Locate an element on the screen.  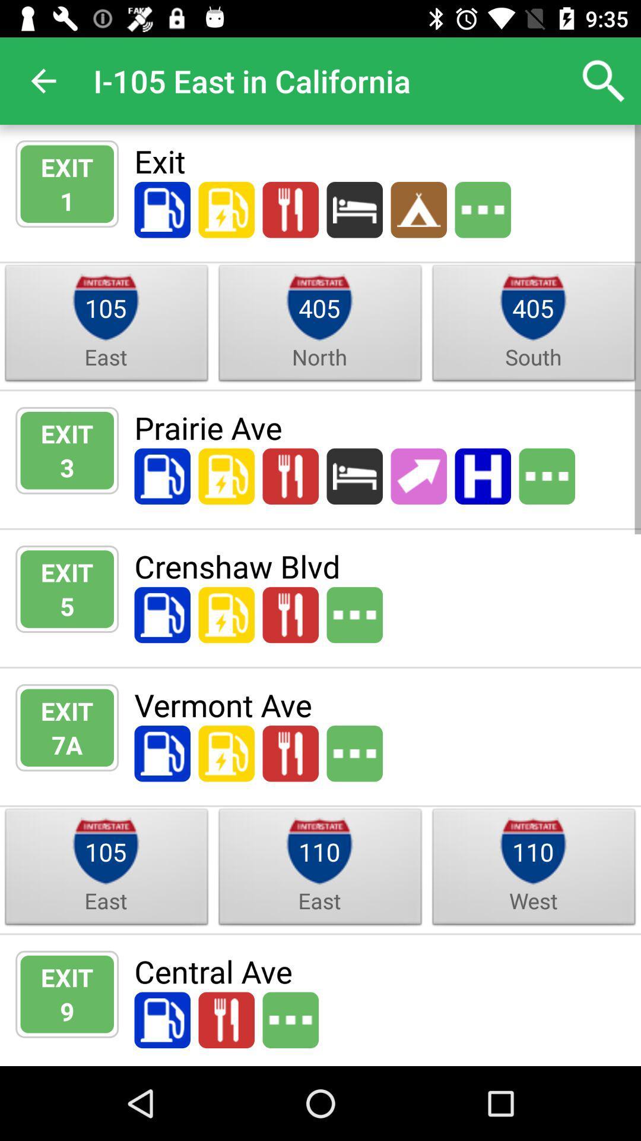
the item next to prairie ave is located at coordinates (67, 467).